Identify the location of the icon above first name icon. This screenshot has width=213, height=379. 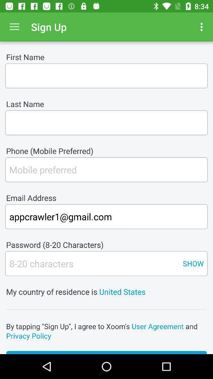
(14, 27).